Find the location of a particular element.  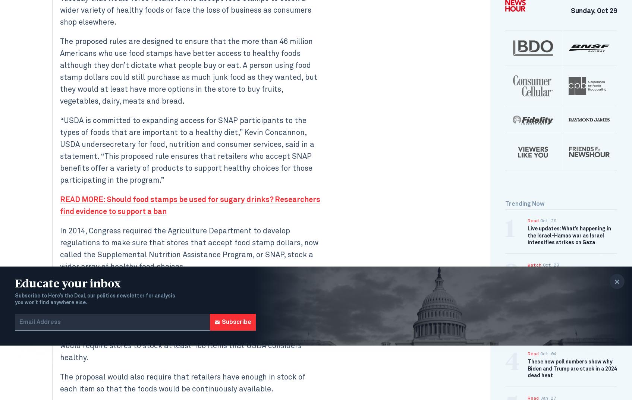

'Sunday, Oct 29' is located at coordinates (594, 11).